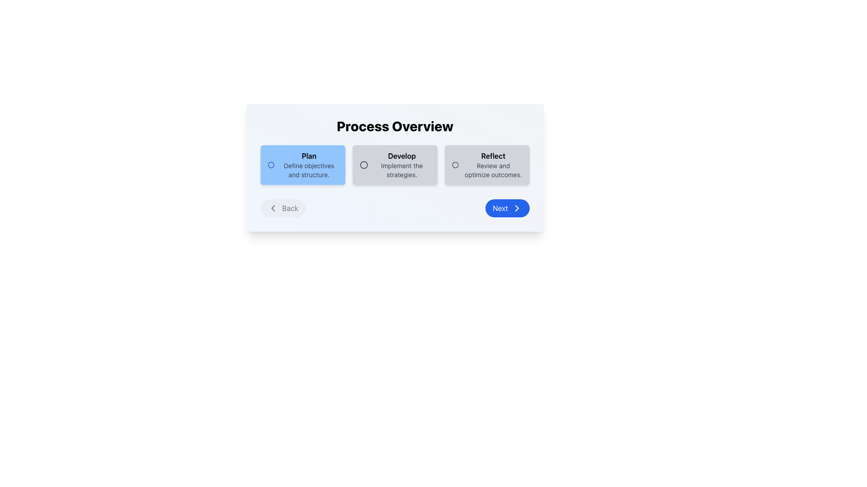 The width and height of the screenshot is (867, 487). What do you see at coordinates (272, 208) in the screenshot?
I see `the 'Back' button icon, which is the leftmost component in the 'Process Overview' panel, indicating navigation to a previous step` at bounding box center [272, 208].